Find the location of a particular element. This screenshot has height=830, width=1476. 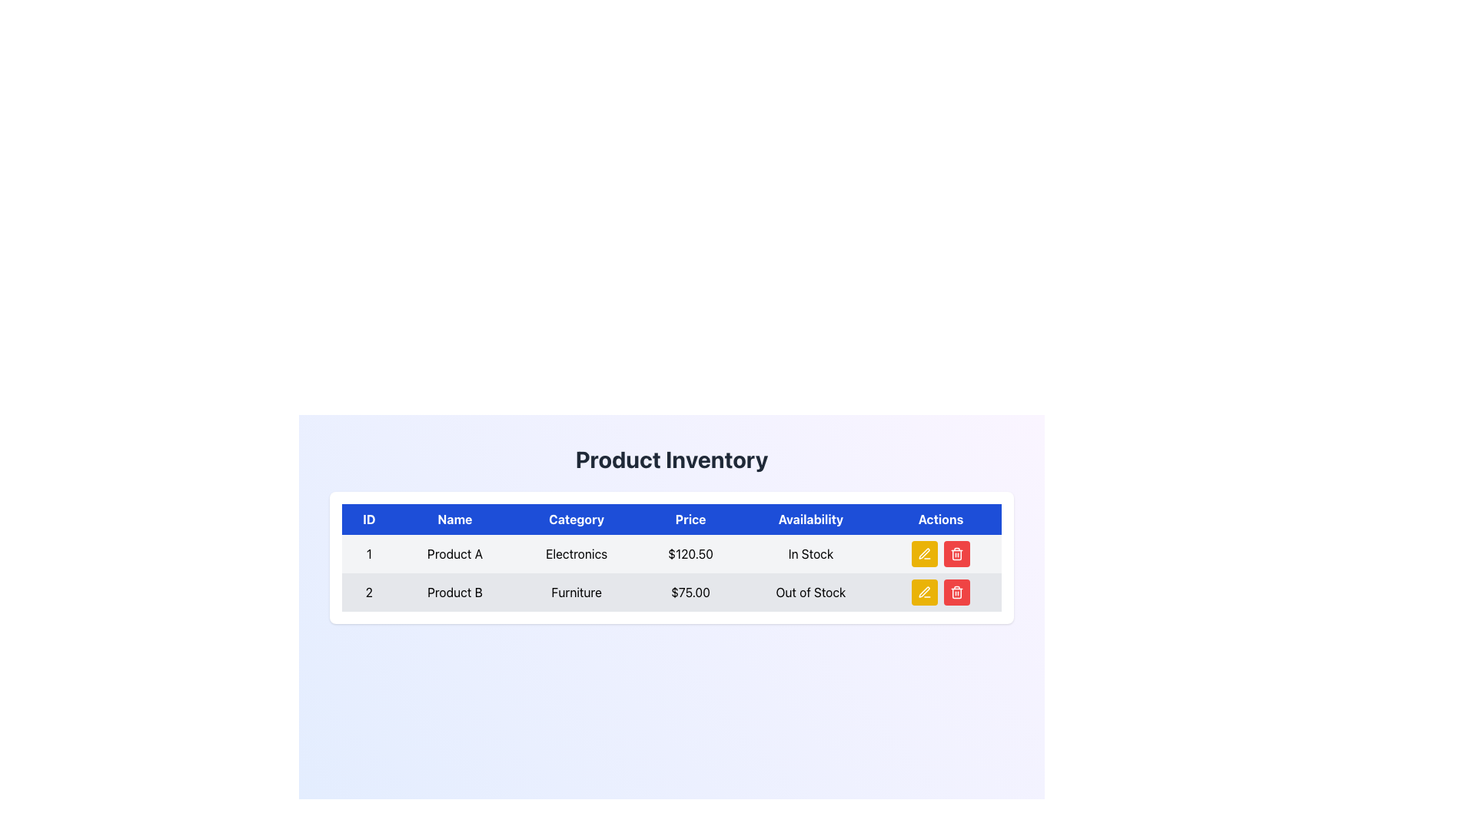

the Price cell in the first row of the data table, which contains the value $120.50 is located at coordinates (671, 554).